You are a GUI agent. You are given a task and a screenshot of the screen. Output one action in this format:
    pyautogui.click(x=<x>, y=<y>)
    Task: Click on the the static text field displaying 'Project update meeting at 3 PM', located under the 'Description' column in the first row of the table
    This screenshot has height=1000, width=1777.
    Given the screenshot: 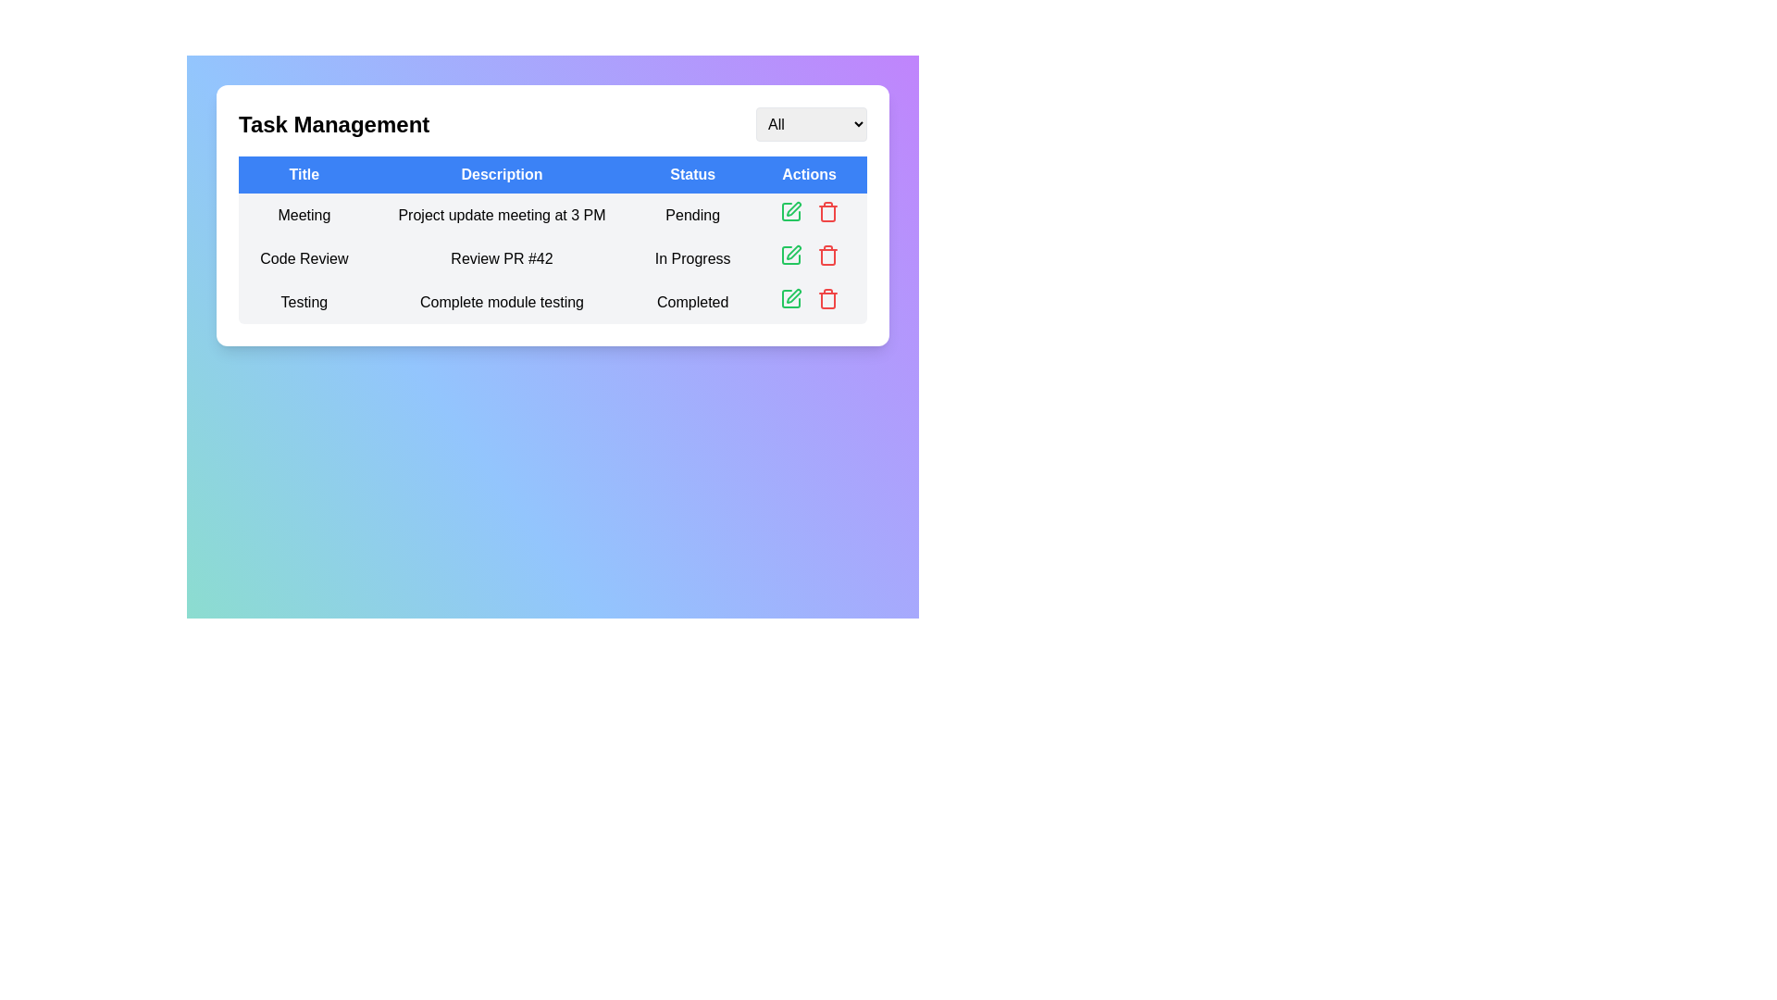 What is the action you would take?
    pyautogui.click(x=502, y=214)
    